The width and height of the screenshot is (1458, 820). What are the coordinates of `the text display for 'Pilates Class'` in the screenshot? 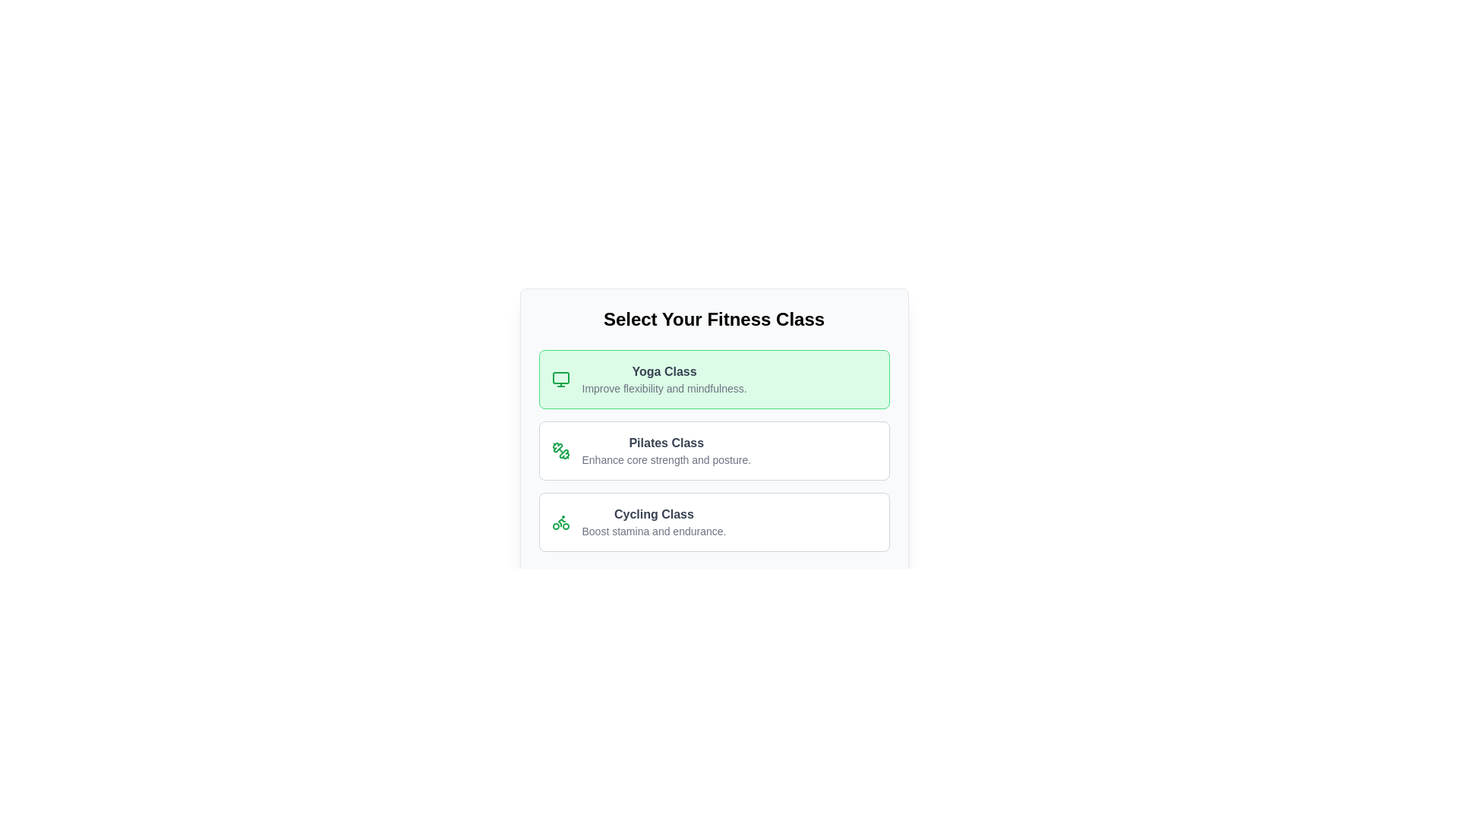 It's located at (666, 450).